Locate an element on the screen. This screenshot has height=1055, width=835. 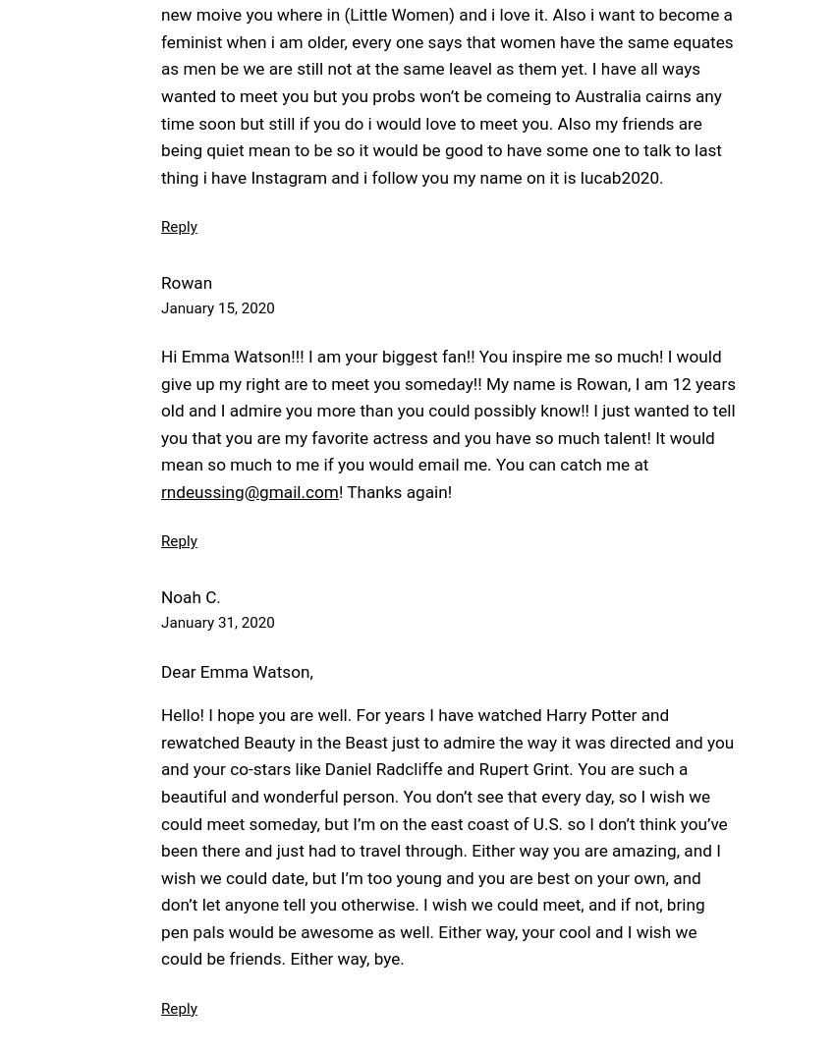
'rndeussing@gmail.com' is located at coordinates (160, 490).